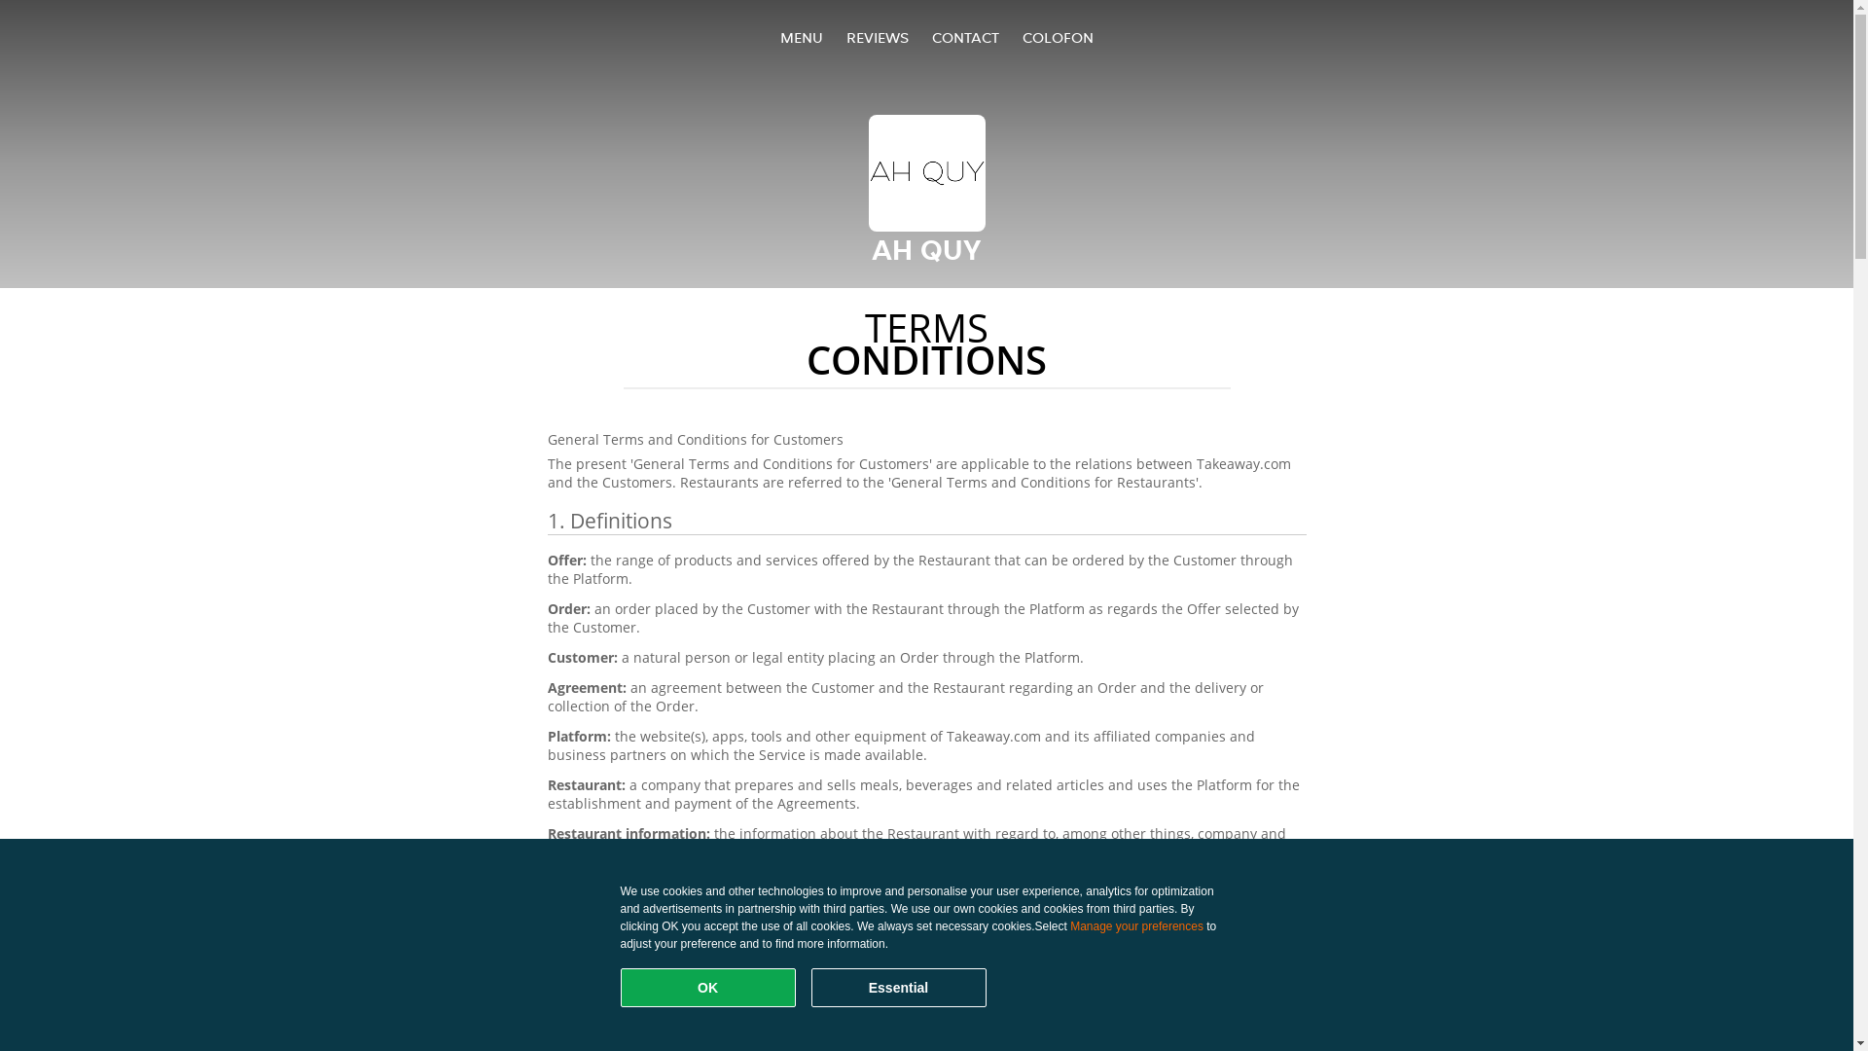 The width and height of the screenshot is (1868, 1051). What do you see at coordinates (897, 987) in the screenshot?
I see `'Essential'` at bounding box center [897, 987].